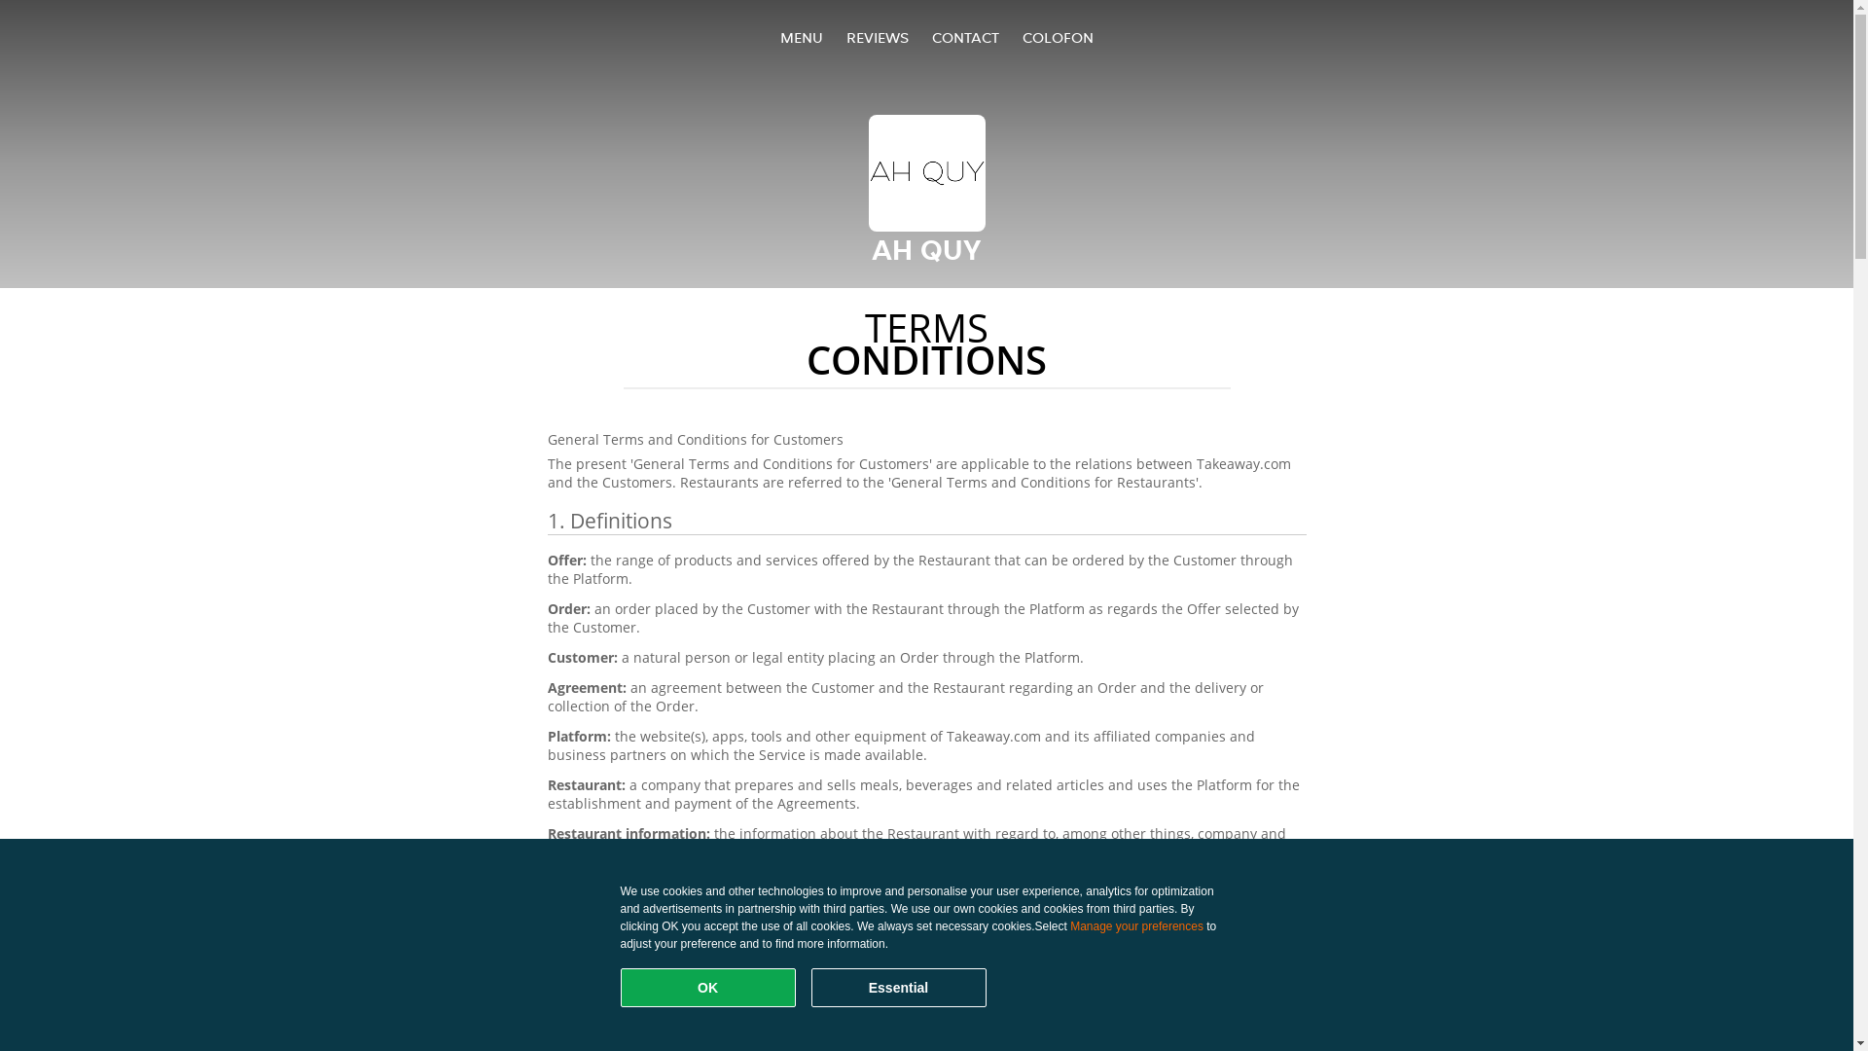 The width and height of the screenshot is (1868, 1051). What do you see at coordinates (897, 987) in the screenshot?
I see `'Essential'` at bounding box center [897, 987].